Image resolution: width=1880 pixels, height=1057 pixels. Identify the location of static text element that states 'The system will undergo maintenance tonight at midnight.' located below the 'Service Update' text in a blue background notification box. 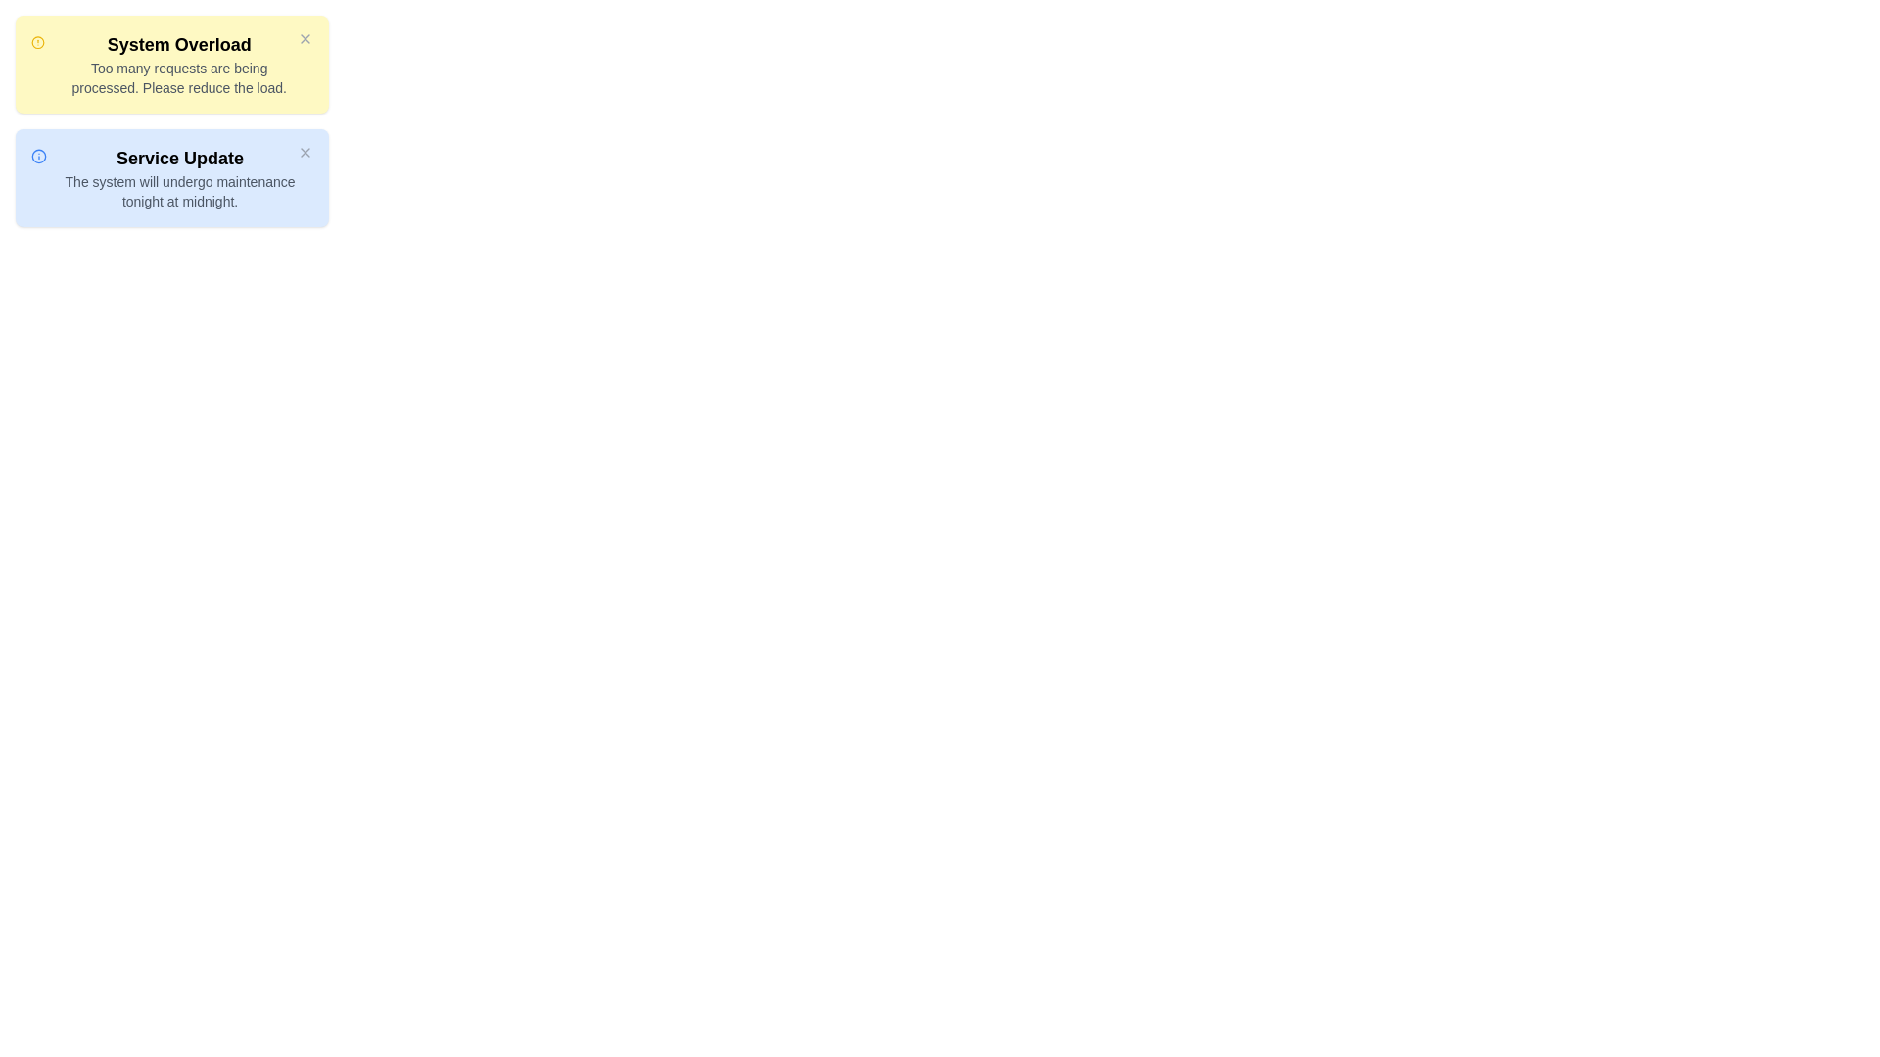
(180, 192).